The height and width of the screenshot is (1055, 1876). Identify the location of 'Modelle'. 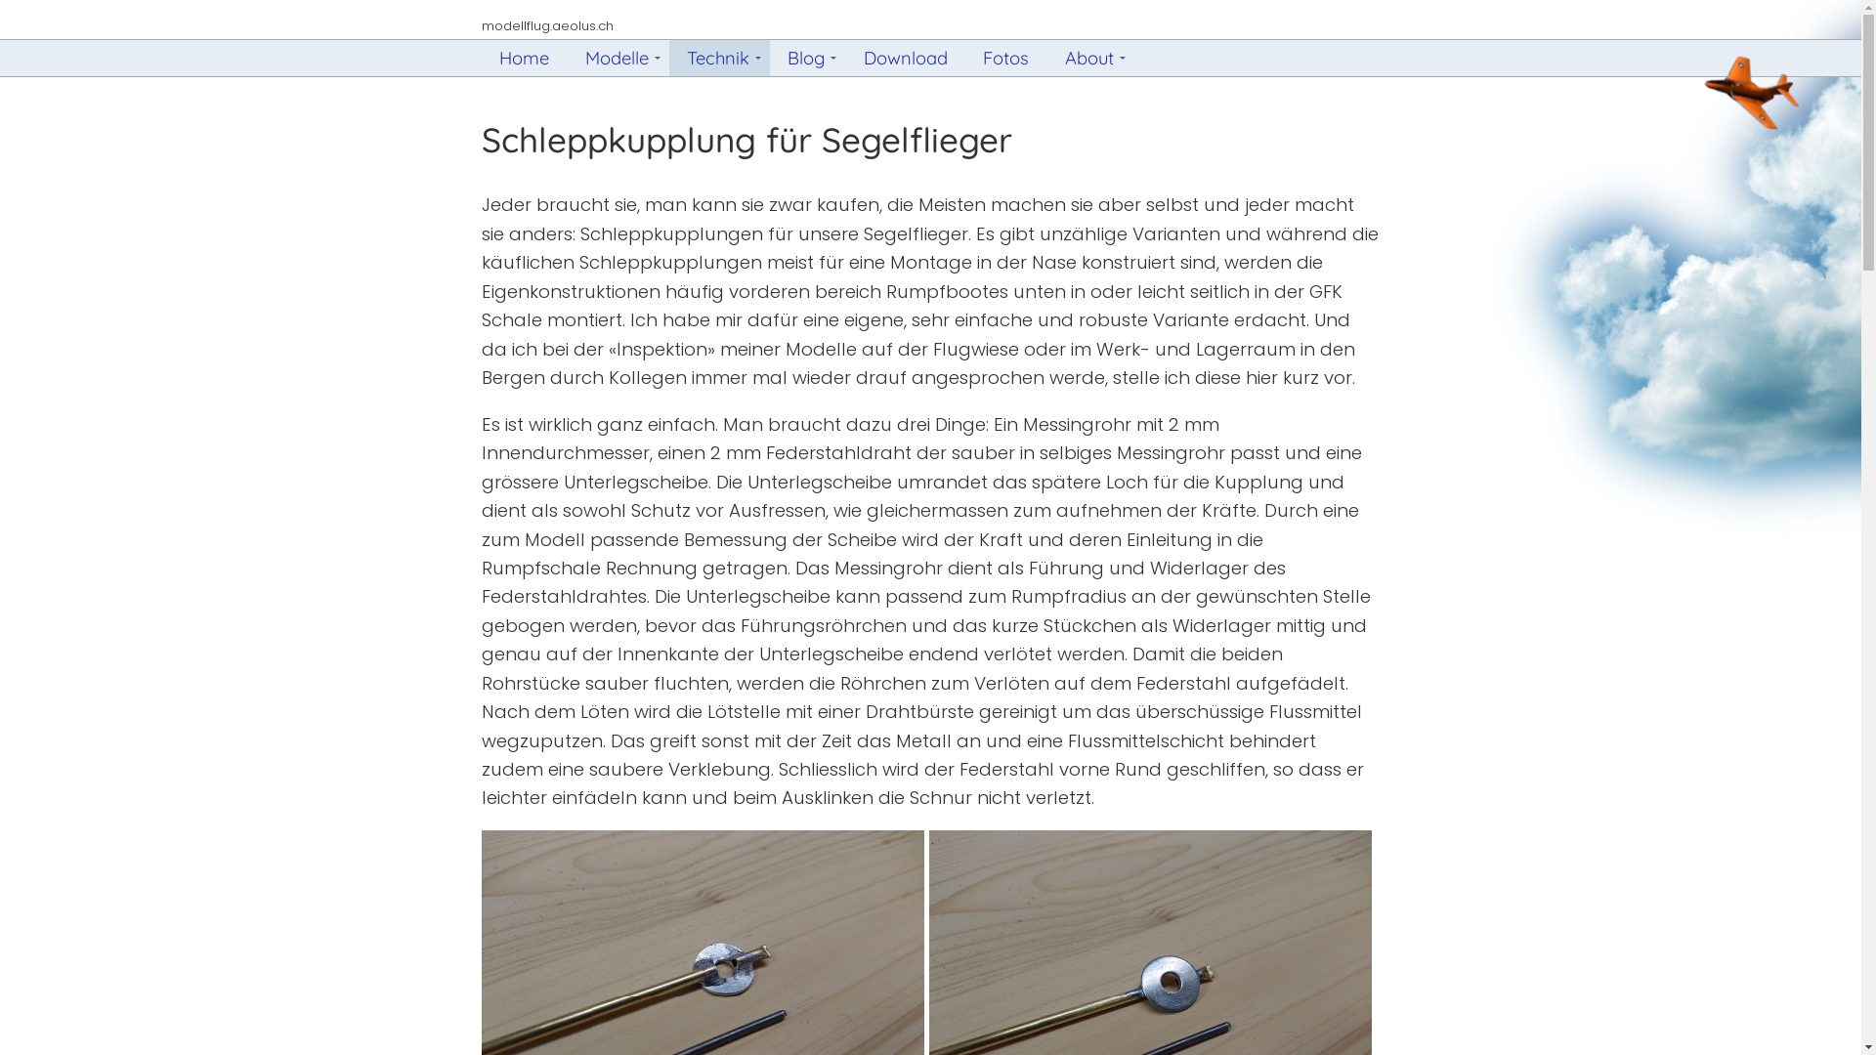
(618, 57).